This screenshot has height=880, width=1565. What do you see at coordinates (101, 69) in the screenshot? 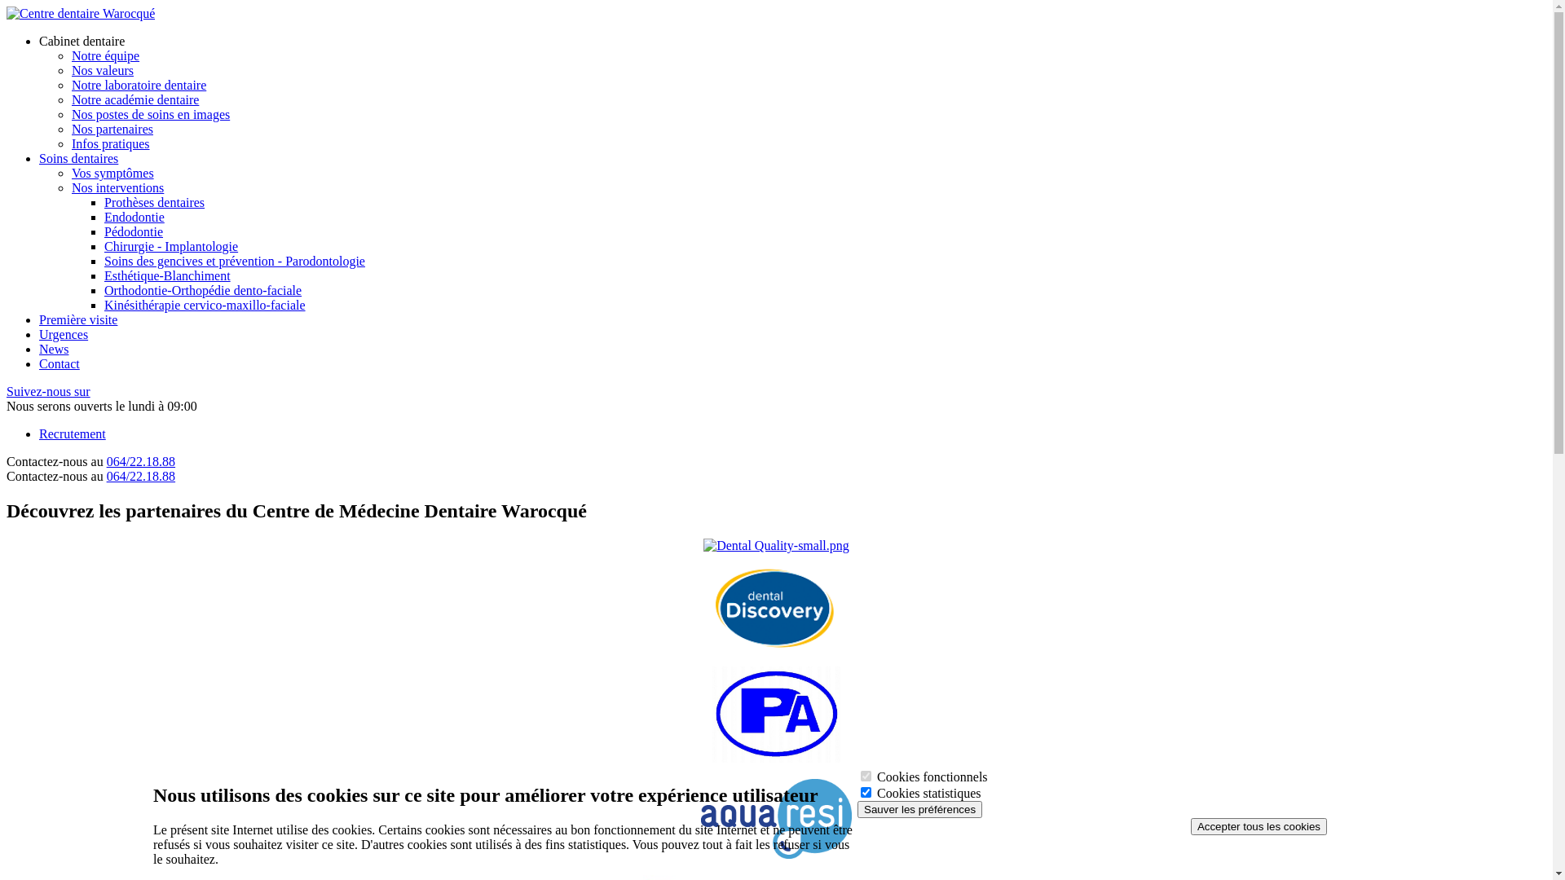
I see `'Nos valeurs'` at bounding box center [101, 69].